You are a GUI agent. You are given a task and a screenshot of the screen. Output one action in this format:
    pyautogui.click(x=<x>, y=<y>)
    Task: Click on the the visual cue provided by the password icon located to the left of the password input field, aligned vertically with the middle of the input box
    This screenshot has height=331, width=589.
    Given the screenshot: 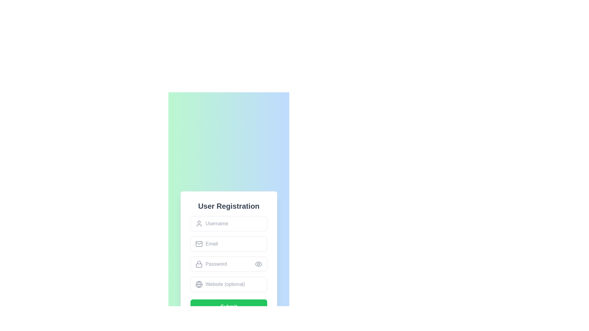 What is the action you would take?
    pyautogui.click(x=199, y=264)
    